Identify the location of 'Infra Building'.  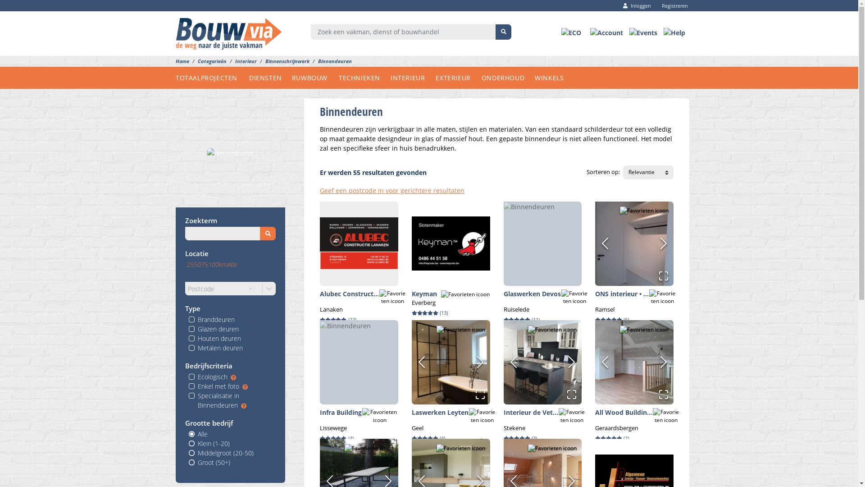
(320, 412).